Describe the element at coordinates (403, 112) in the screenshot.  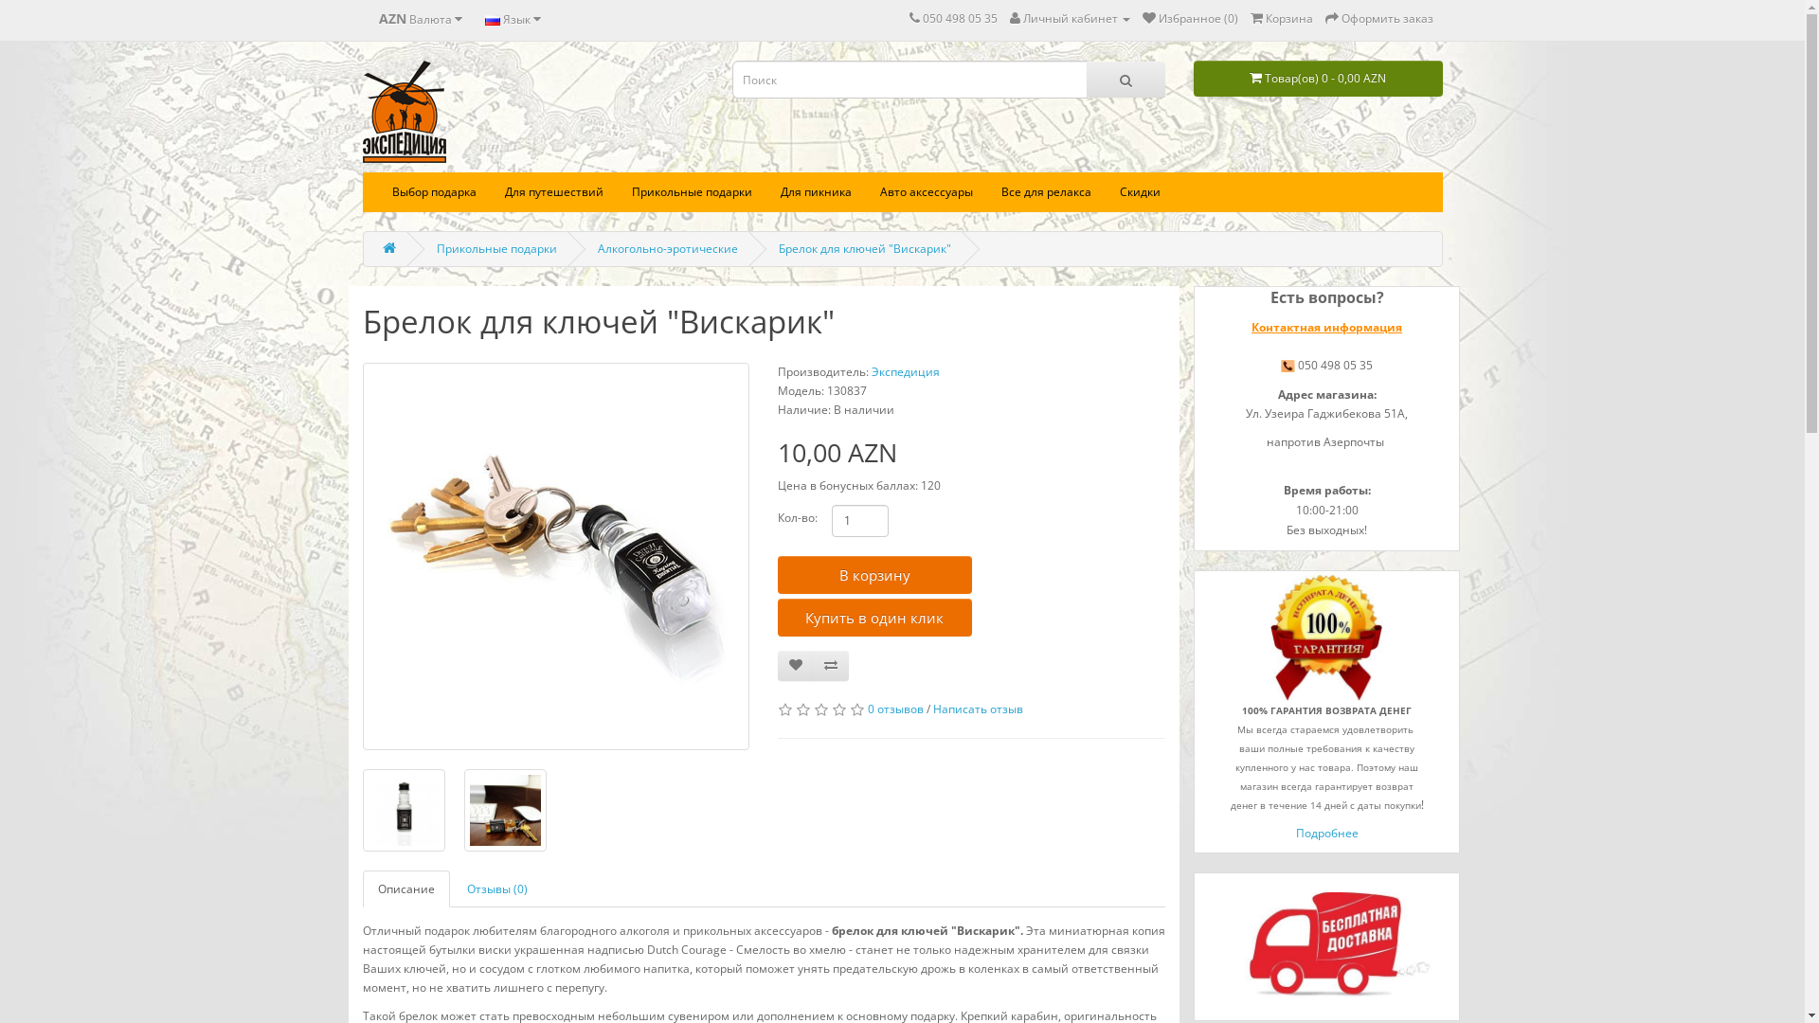
I see `'Expedition AZ'` at that location.